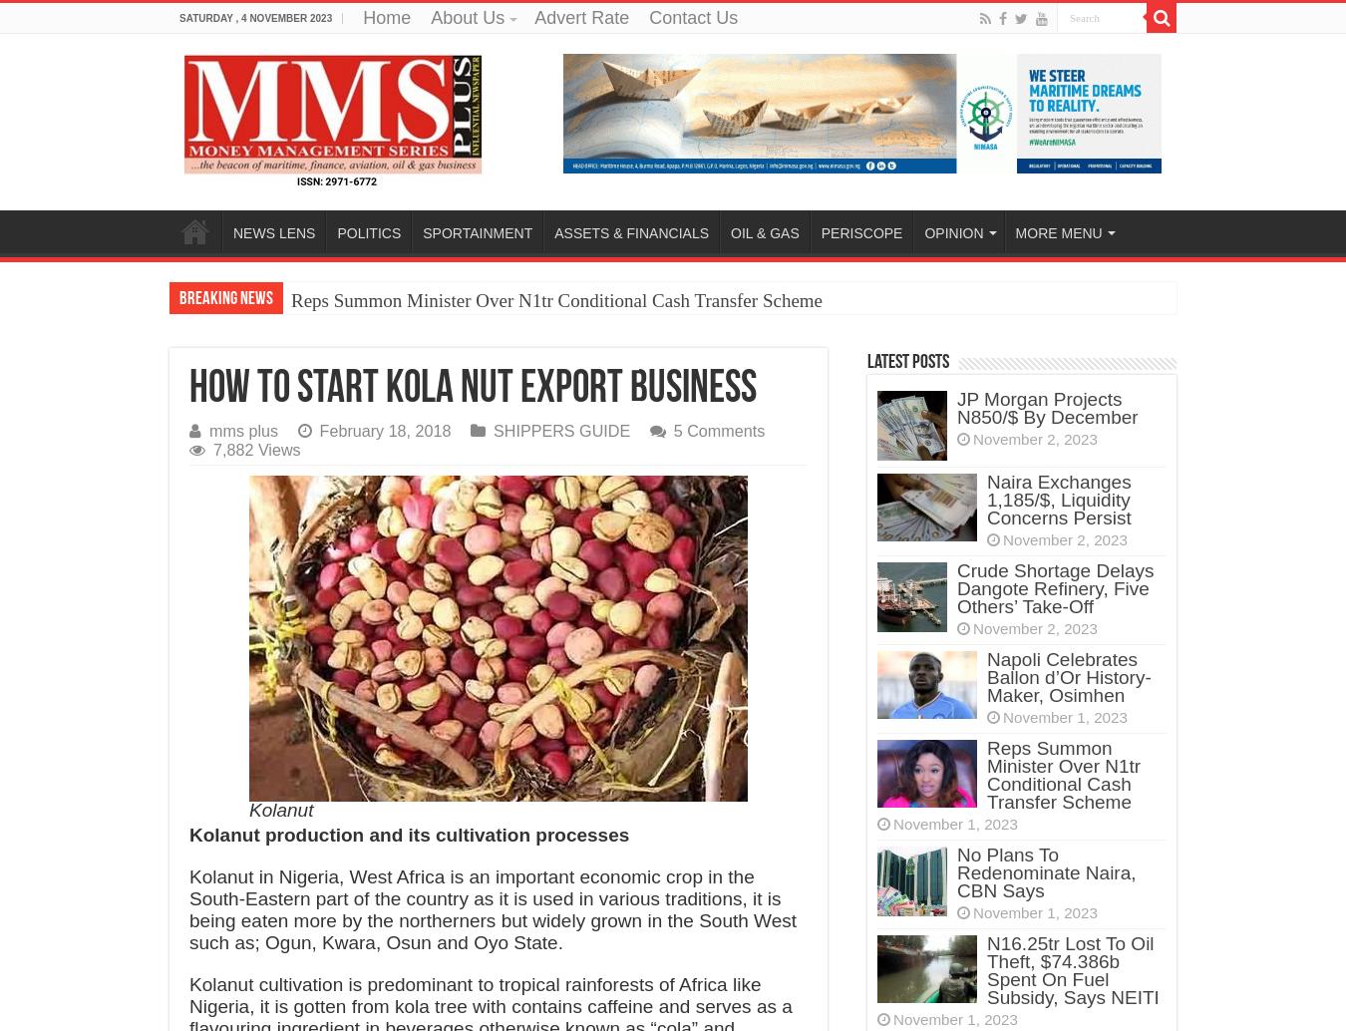 The width and height of the screenshot is (1346, 1031). Describe the element at coordinates (409, 834) in the screenshot. I see `'Kolanut production and its cultivation processes'` at that location.